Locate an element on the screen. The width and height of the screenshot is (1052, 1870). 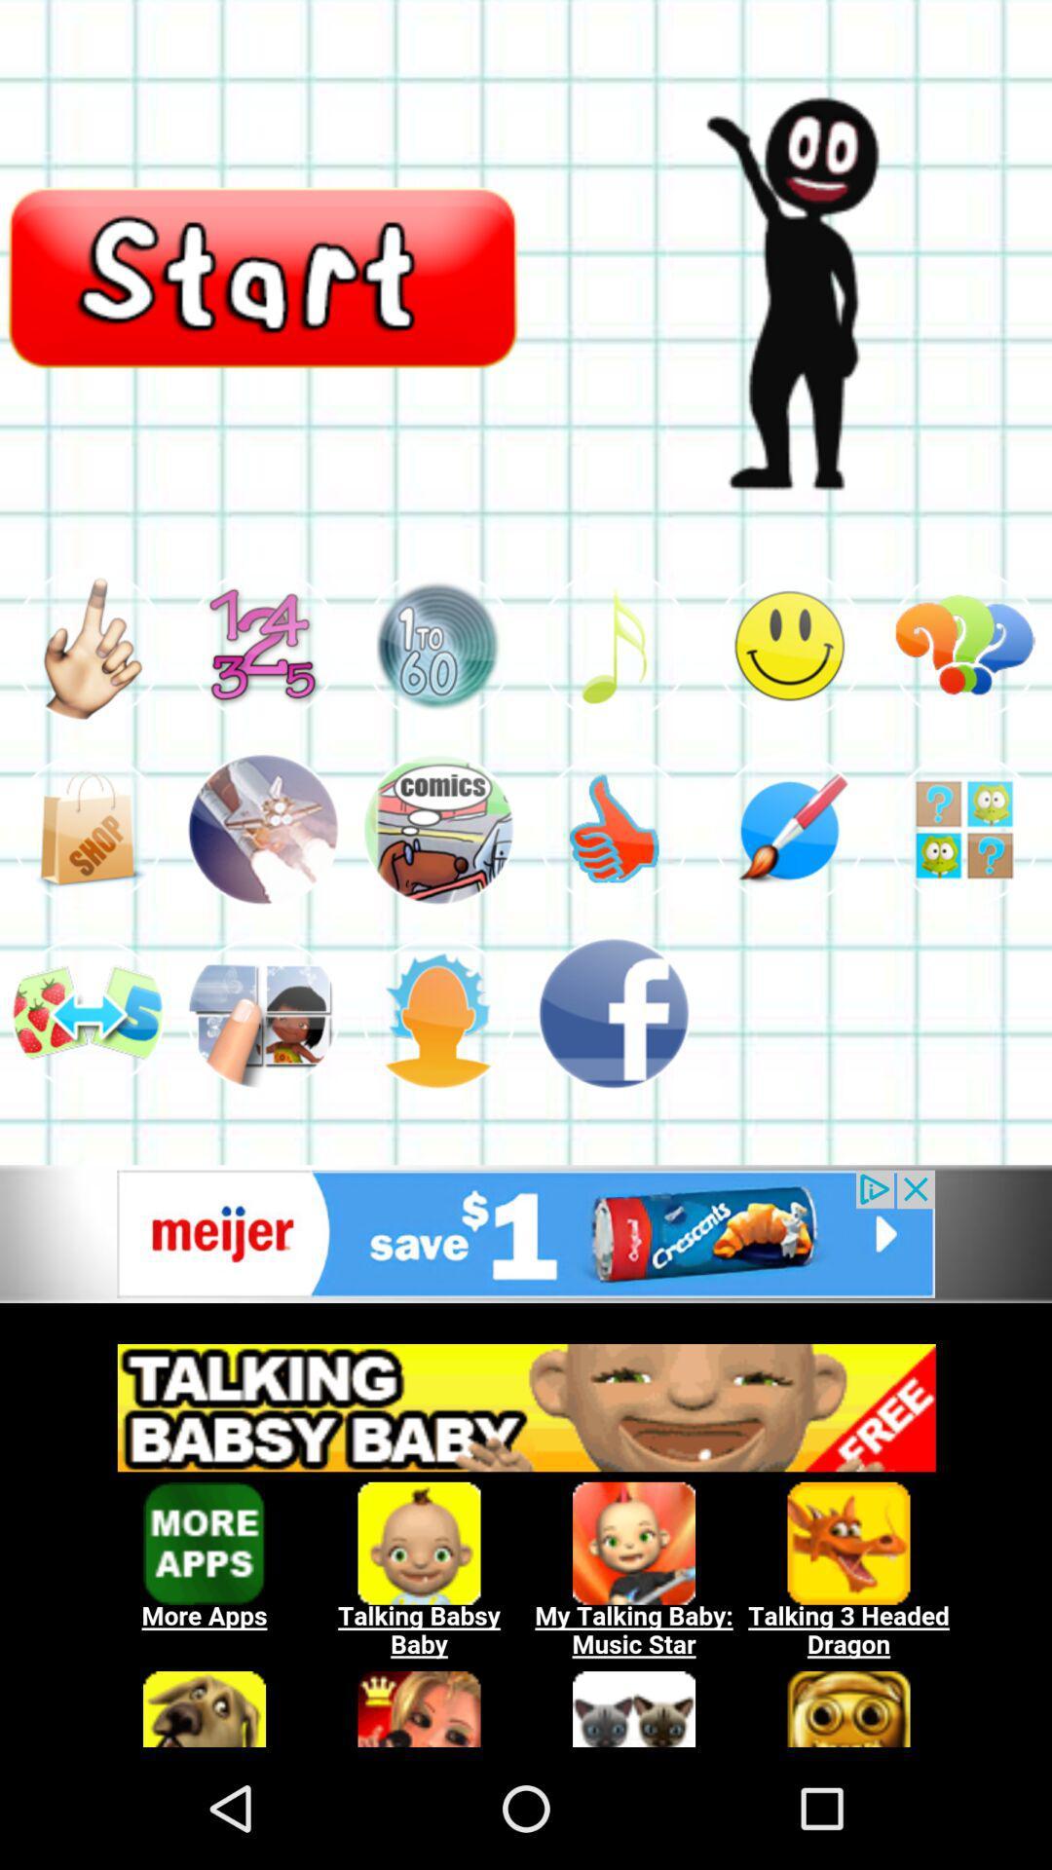
the cart icon is located at coordinates (438, 691).